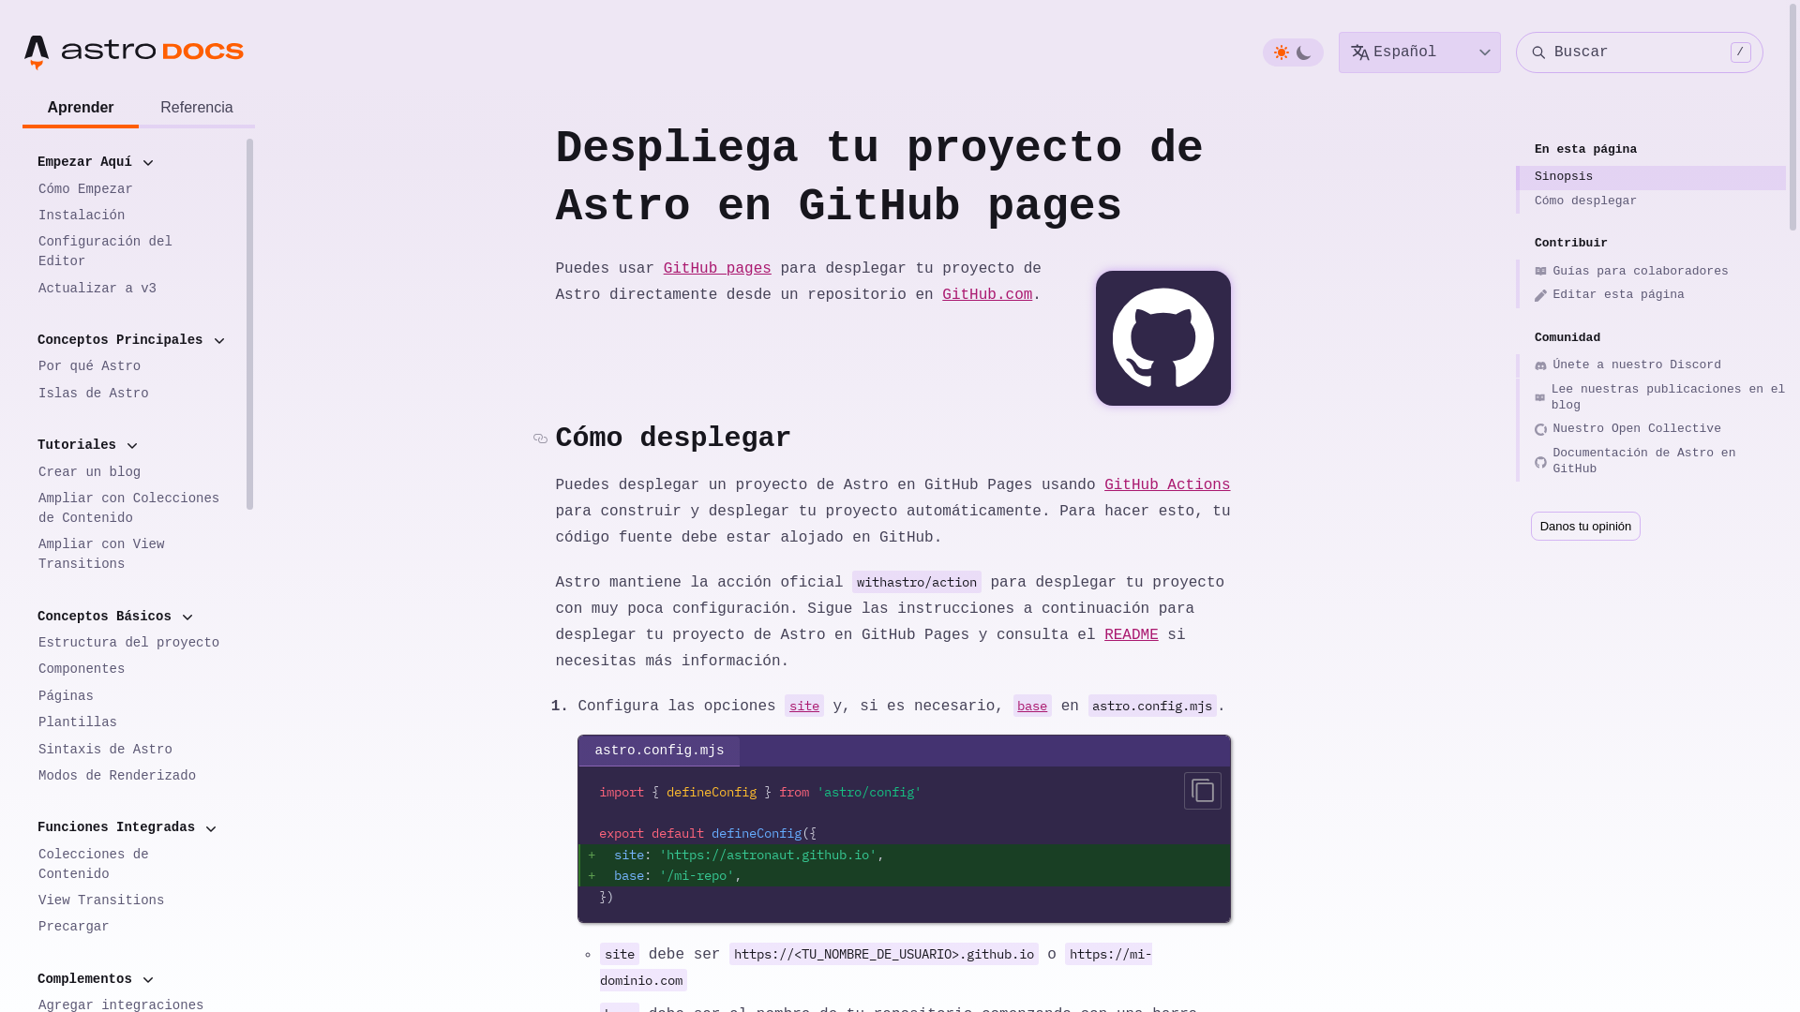  I want to click on 'Copiar al portapapeles', so click(1202, 791).